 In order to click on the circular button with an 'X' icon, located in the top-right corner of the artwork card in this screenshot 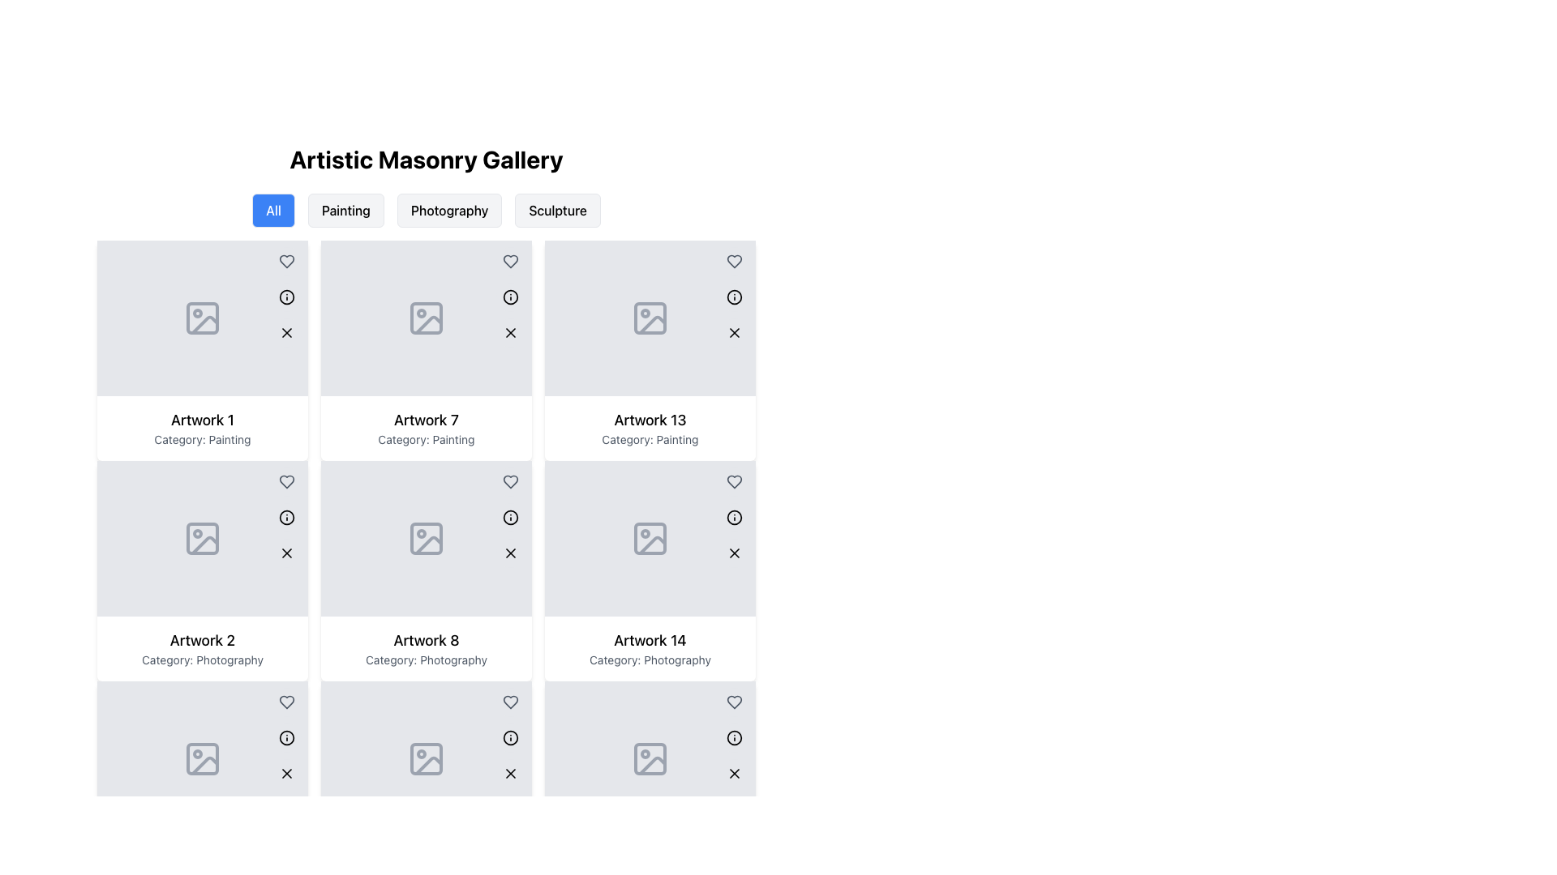, I will do `click(287, 552)`.